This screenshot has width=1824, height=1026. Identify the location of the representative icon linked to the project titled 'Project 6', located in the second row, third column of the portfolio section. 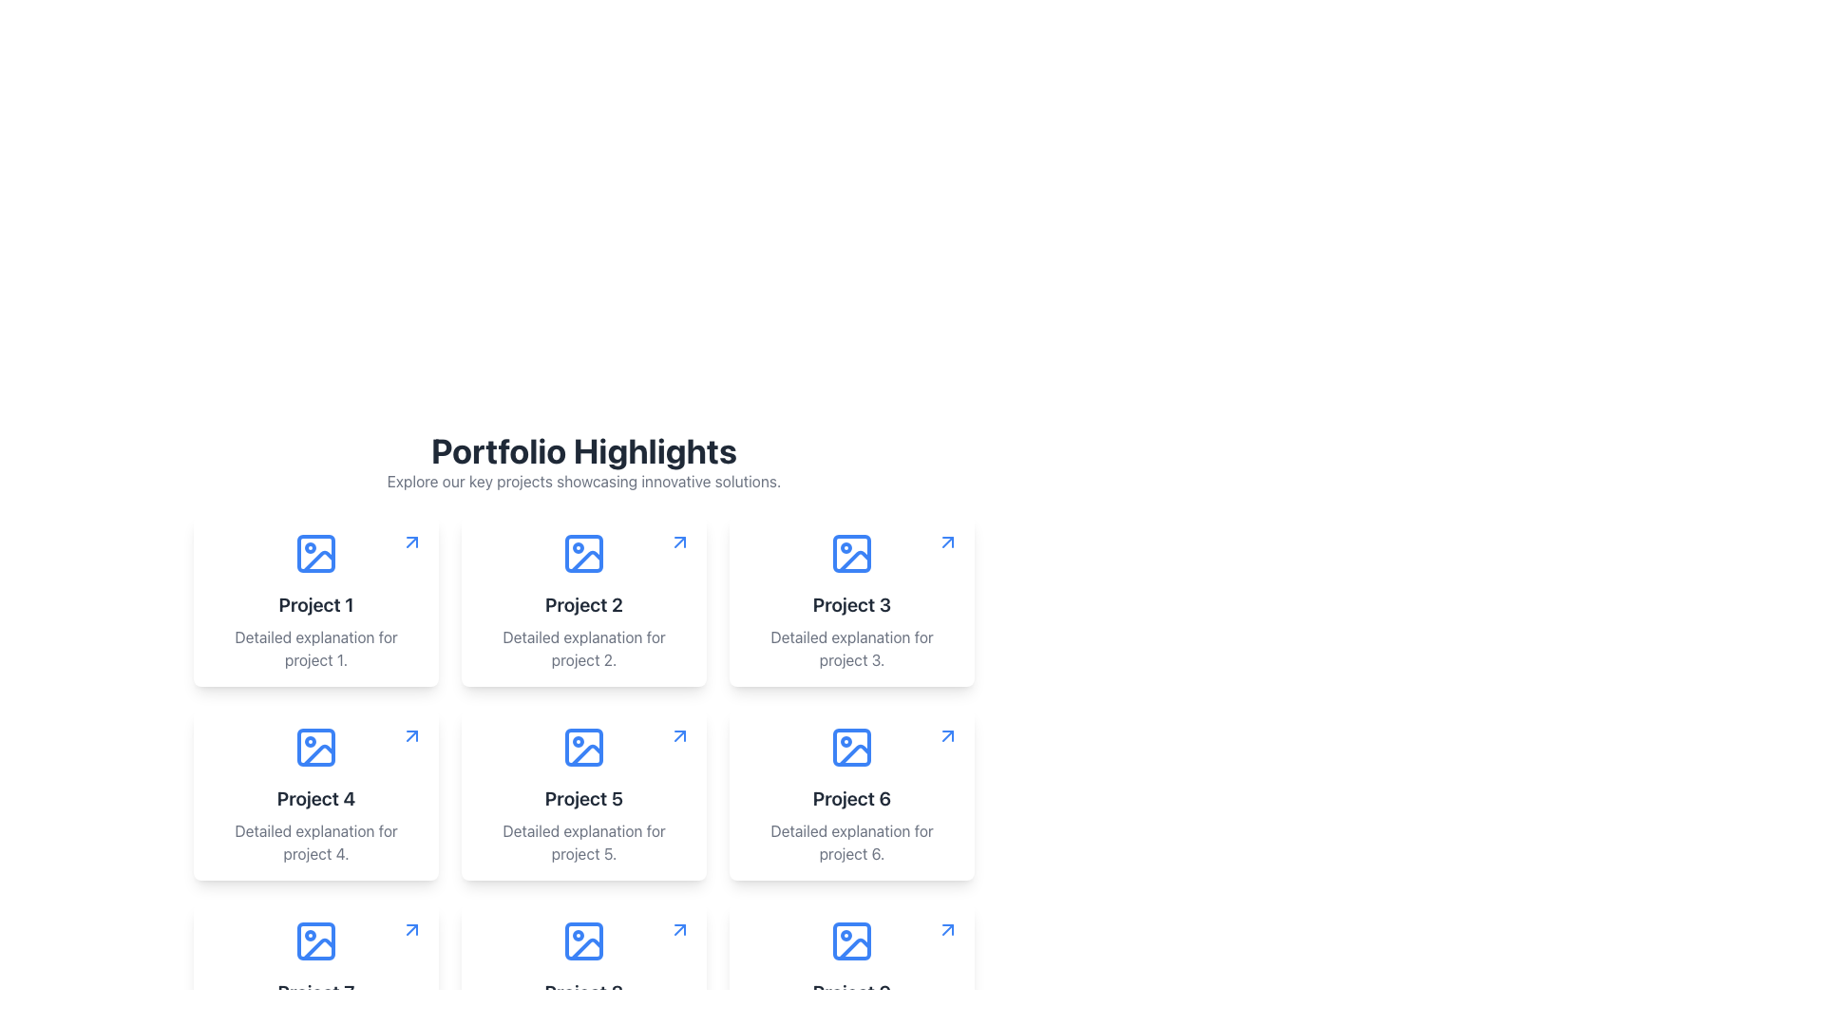
(851, 746).